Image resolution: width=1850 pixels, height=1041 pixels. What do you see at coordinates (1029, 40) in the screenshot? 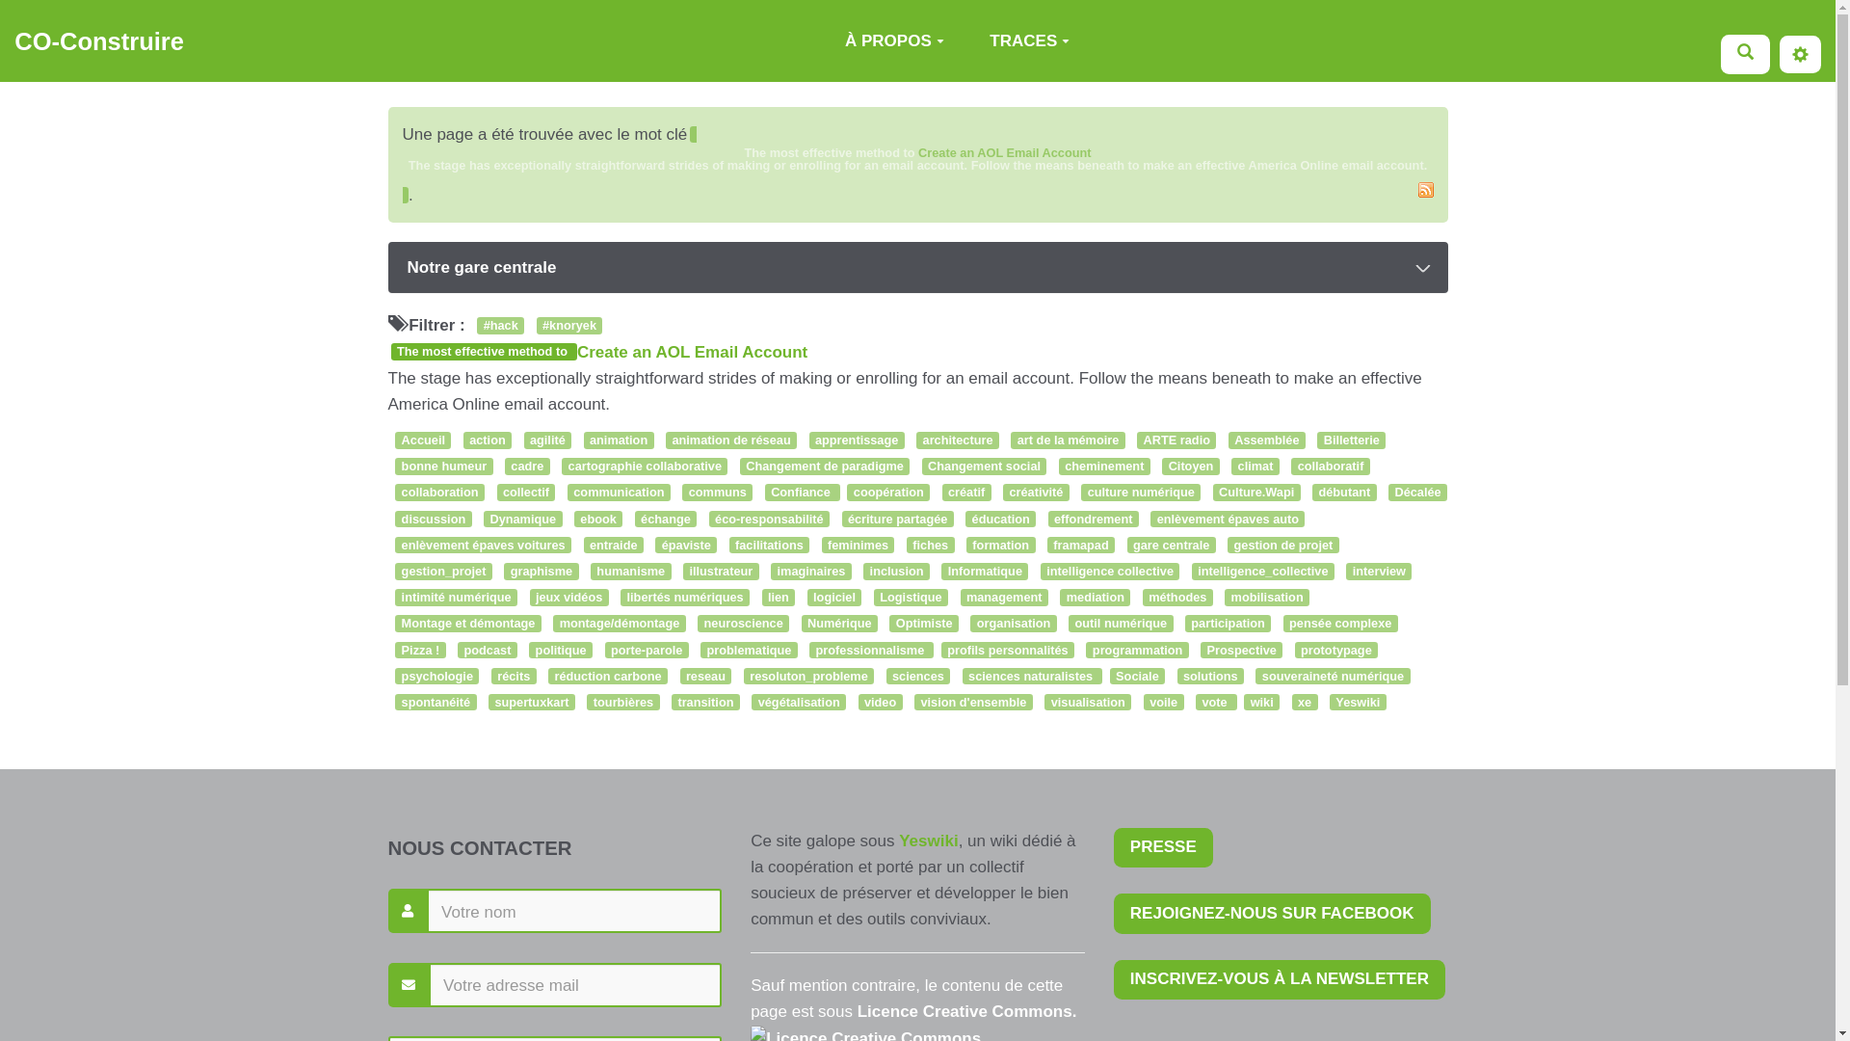
I see `'TRACES'` at bounding box center [1029, 40].